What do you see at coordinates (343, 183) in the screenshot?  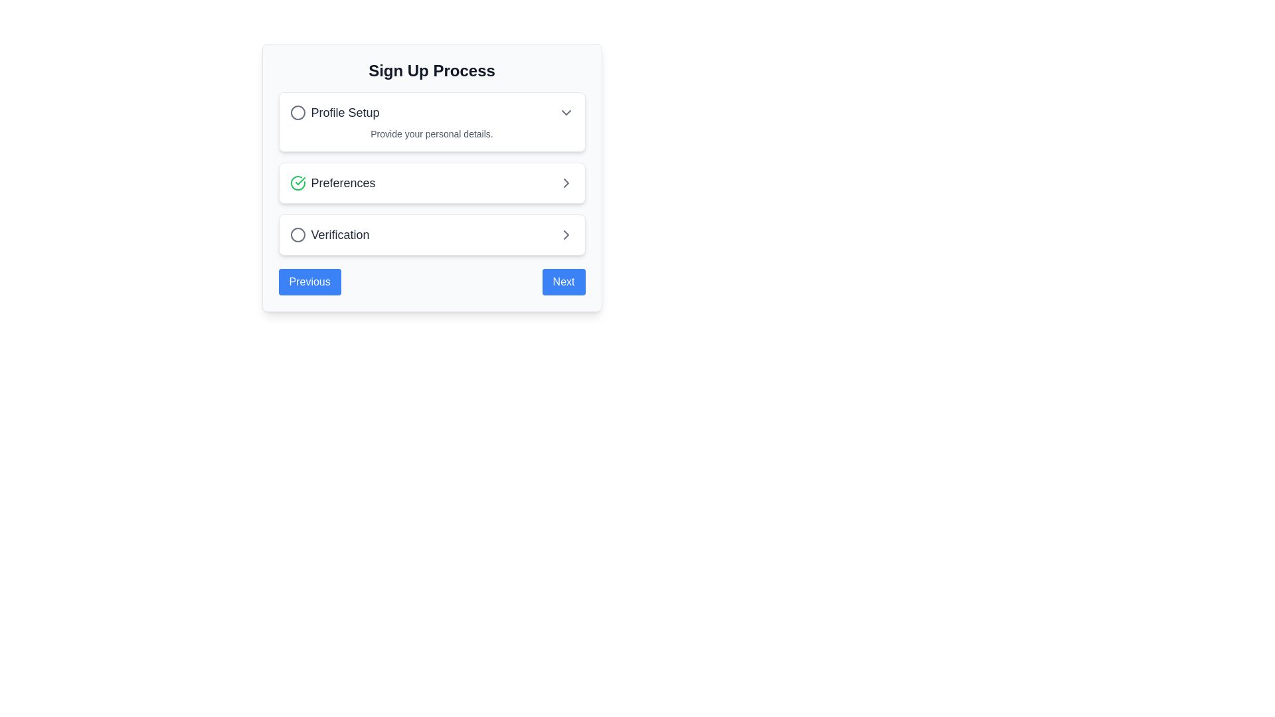 I see `the text content of the 'Preferences' label, which is prominently displayed in a large gray font and is located in the center segment of a three-step process interface` at bounding box center [343, 183].